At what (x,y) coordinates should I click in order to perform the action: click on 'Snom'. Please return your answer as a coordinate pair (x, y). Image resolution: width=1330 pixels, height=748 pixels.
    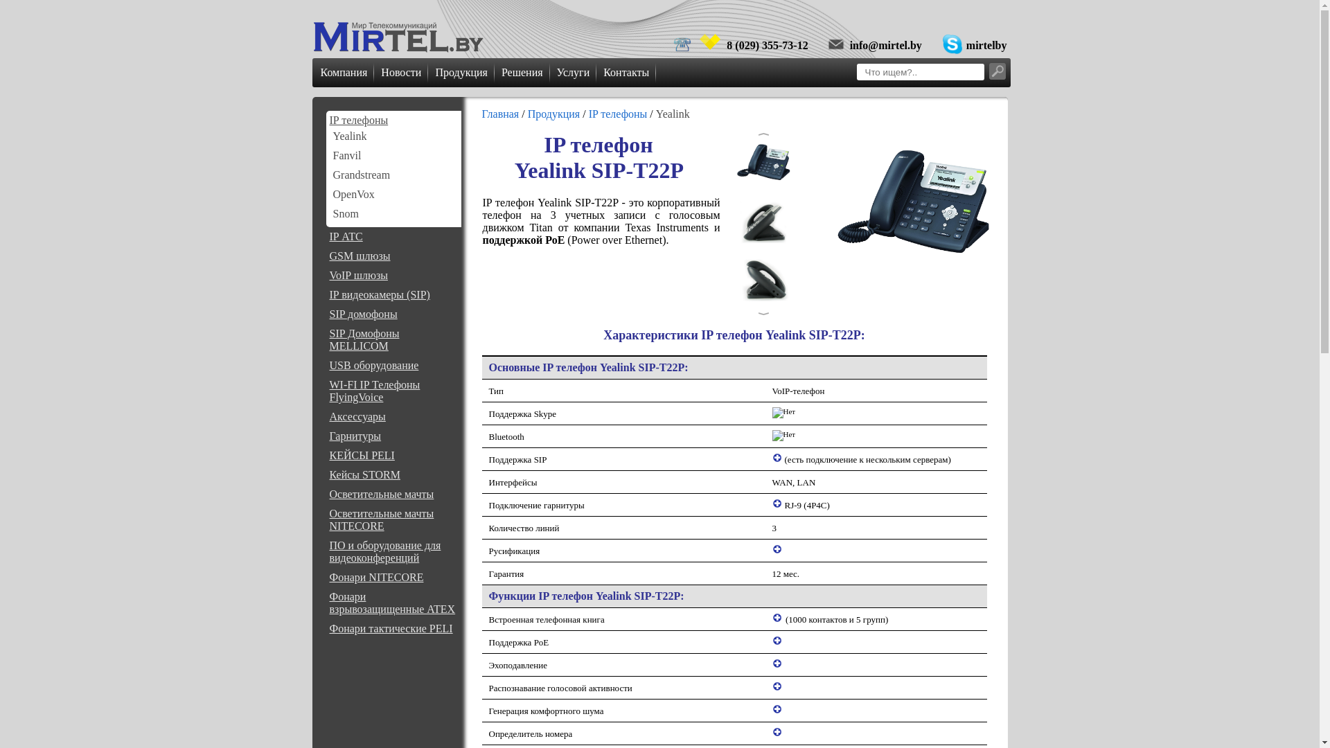
    Looking at the image, I should click on (345, 213).